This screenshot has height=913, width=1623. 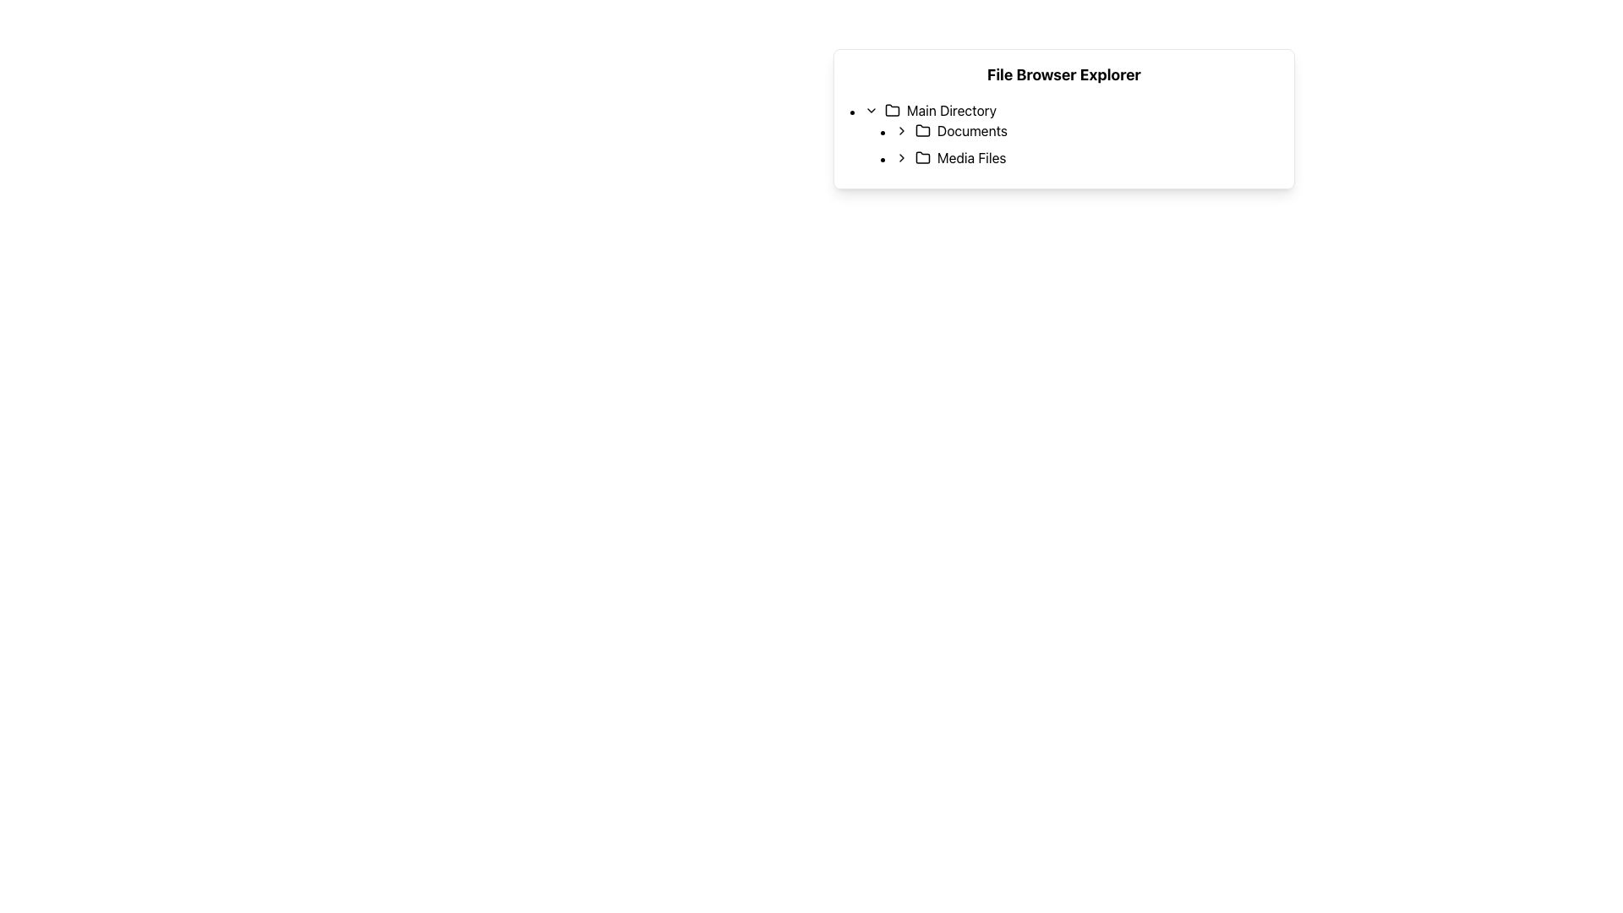 What do you see at coordinates (921, 129) in the screenshot?
I see `on the folder icon located` at bounding box center [921, 129].